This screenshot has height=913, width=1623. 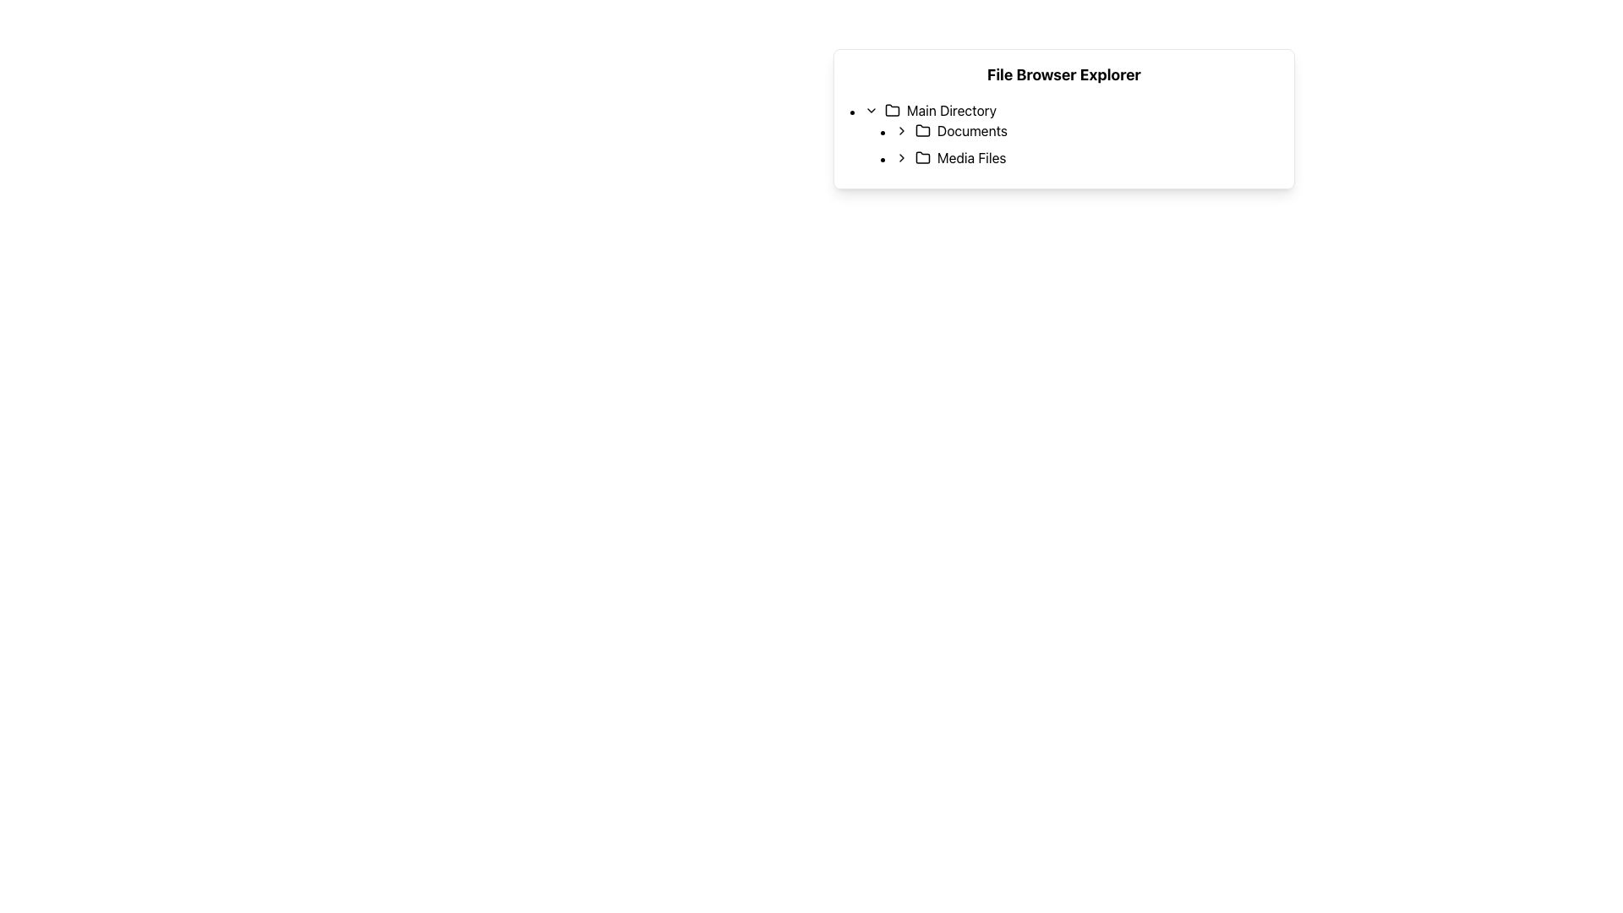 What do you see at coordinates (921, 129) in the screenshot?
I see `on the folder icon located` at bounding box center [921, 129].